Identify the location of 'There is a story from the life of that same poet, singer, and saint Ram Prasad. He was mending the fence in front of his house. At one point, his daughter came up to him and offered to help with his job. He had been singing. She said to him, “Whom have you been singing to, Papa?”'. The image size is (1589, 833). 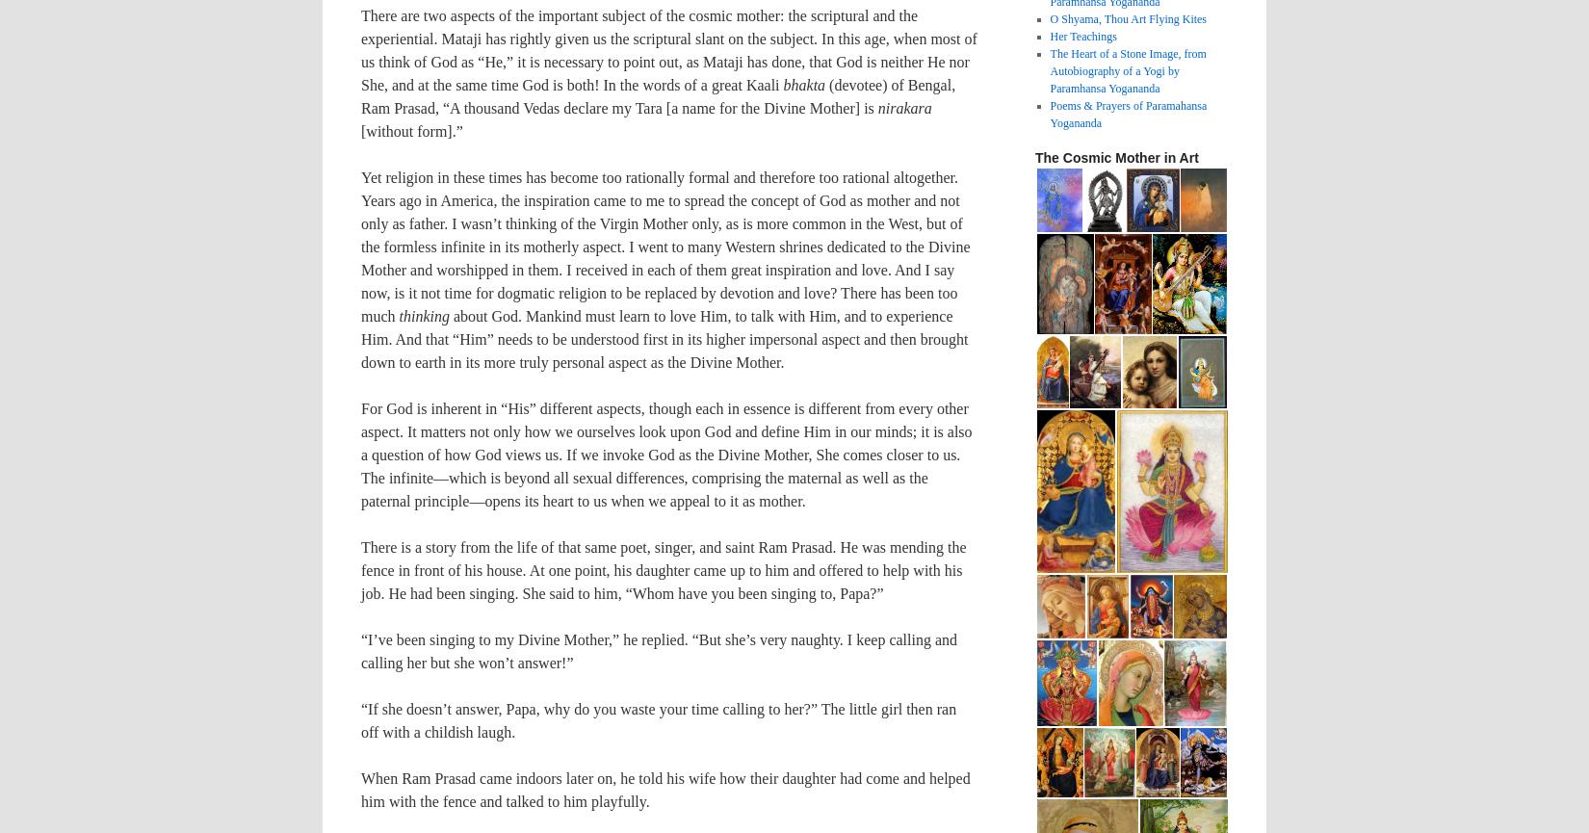
(361, 570).